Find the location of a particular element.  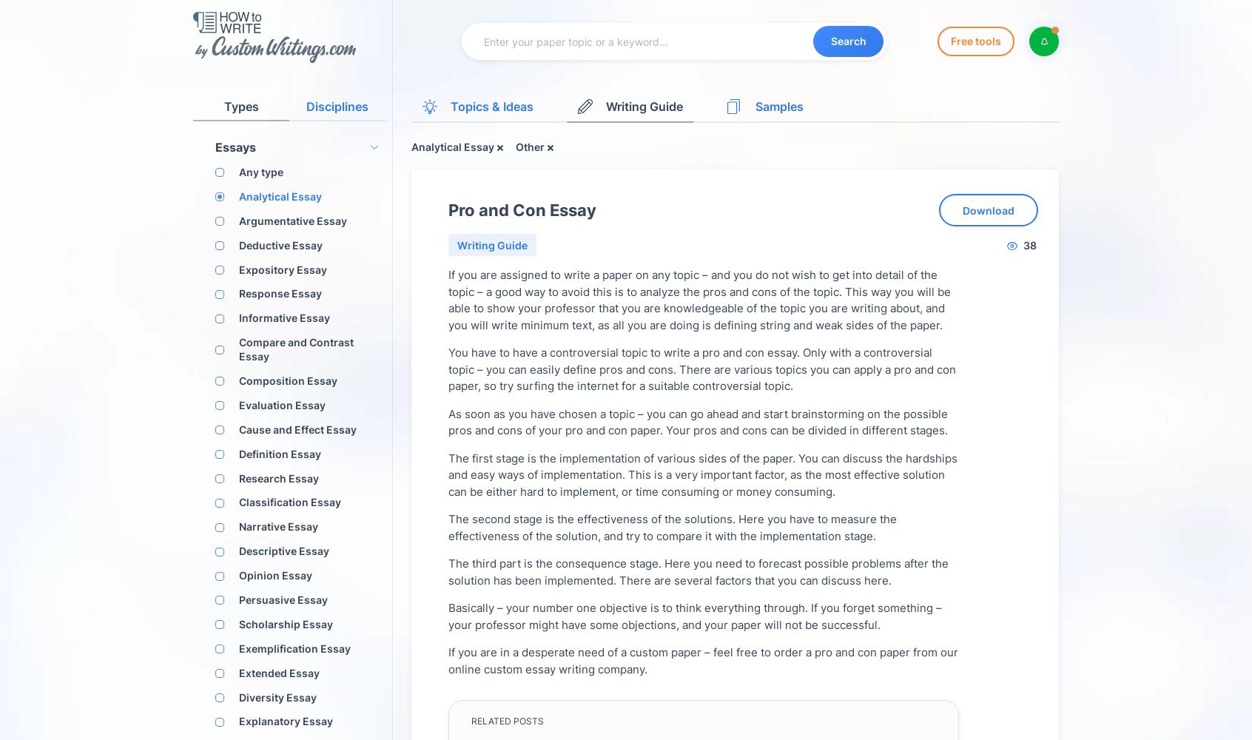

'Diversity Essay' is located at coordinates (277, 696).